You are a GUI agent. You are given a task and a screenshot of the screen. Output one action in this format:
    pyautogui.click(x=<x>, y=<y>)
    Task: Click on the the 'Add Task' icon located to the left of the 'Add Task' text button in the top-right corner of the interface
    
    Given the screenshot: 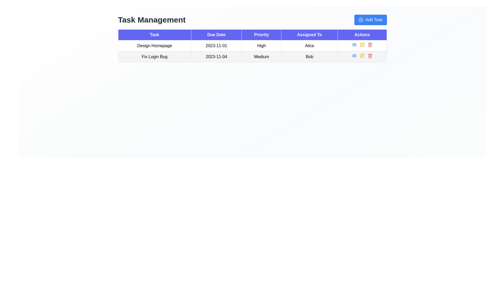 What is the action you would take?
    pyautogui.click(x=360, y=20)
    